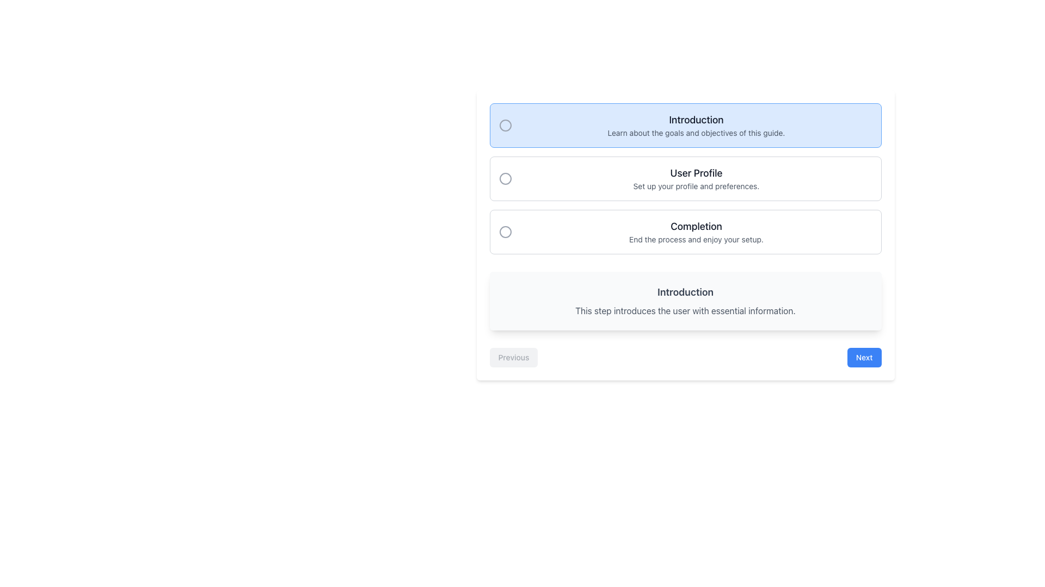 This screenshot has height=587, width=1045. I want to click on the text label titled 'Completion' with the subtitle 'End the process and enjoy your setup.' which is the third row in the vertically-stacked selection menu, so click(696, 232).